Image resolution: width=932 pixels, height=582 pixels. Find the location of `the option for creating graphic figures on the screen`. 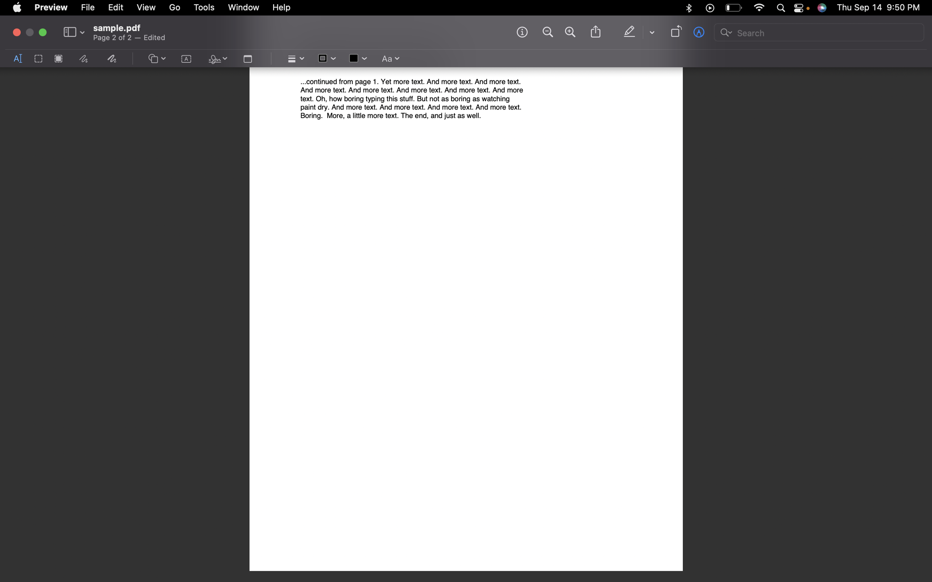

the option for creating graphic figures on the screen is located at coordinates (156, 59).